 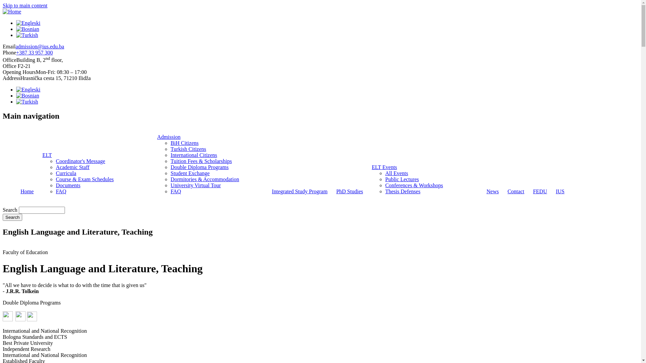 I want to click on 'Home', so click(x=27, y=191).